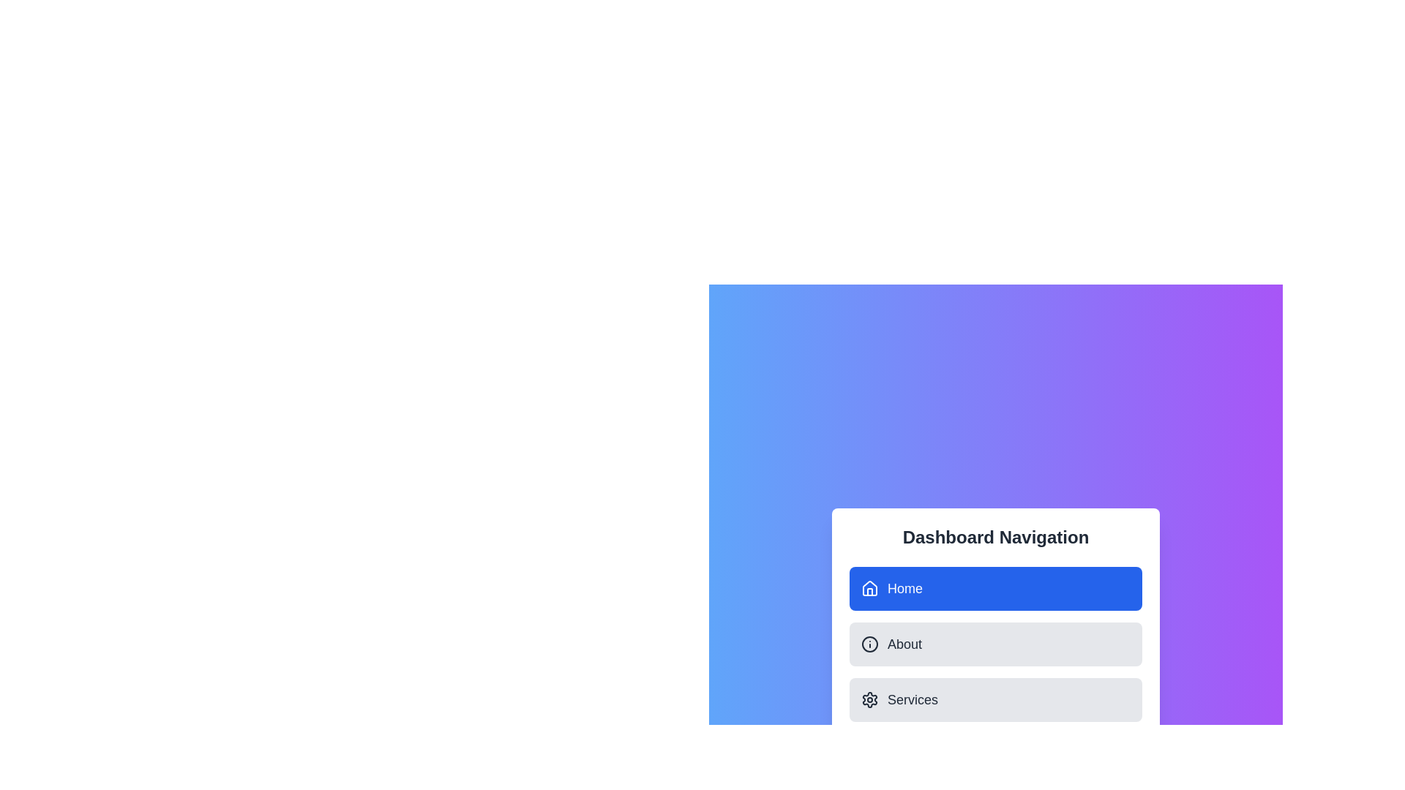 The height and width of the screenshot is (790, 1405). What do you see at coordinates (995, 538) in the screenshot?
I see `the 'Dashboard Navigation' title text label, which is prominently styled in bold and is located at the top of the navigation menu interface` at bounding box center [995, 538].